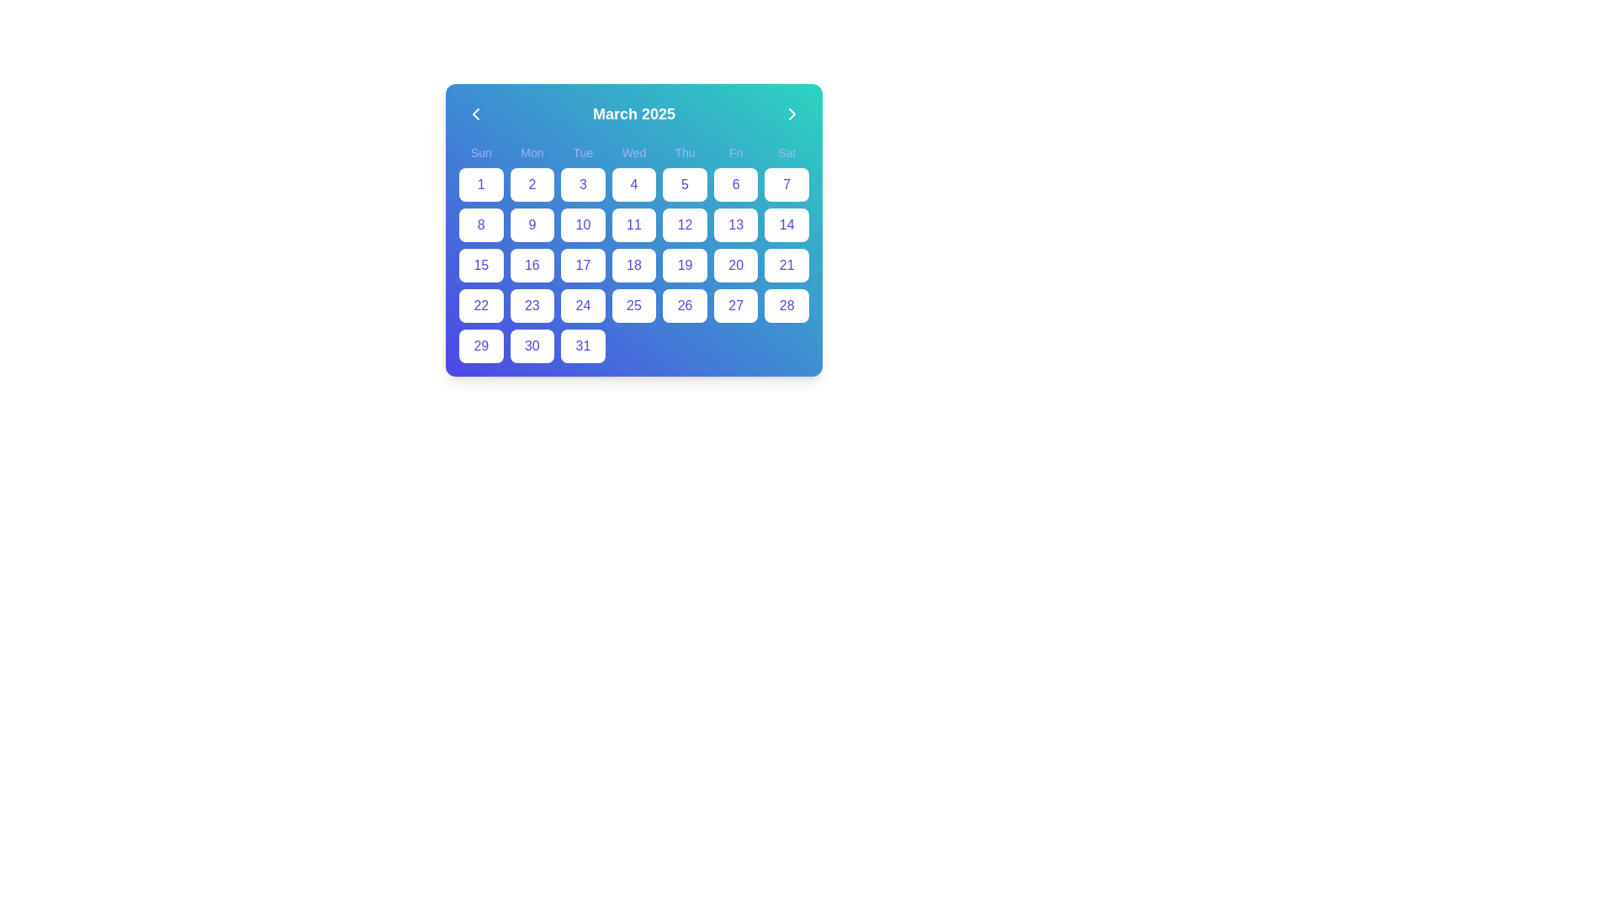  I want to click on the date button representing '14' in the calendar interface, located in the rightmost column of the third row beneath 'Sat', so click(786, 224).